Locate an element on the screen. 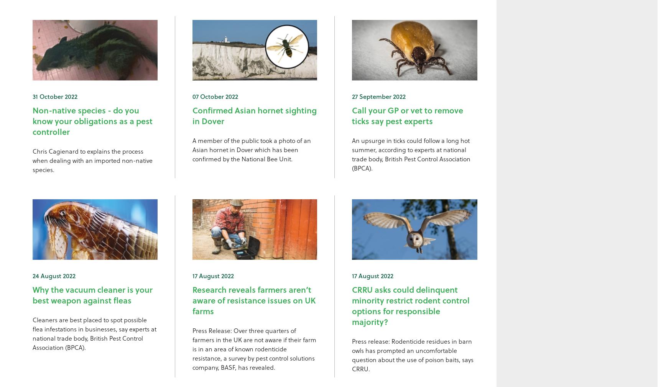 This screenshot has height=387, width=671. 'Cleaners are best placed to spot possible flea infestations in businesses, say experts at national trade body, British Pest Control Association (BPCA).' is located at coordinates (33, 333).